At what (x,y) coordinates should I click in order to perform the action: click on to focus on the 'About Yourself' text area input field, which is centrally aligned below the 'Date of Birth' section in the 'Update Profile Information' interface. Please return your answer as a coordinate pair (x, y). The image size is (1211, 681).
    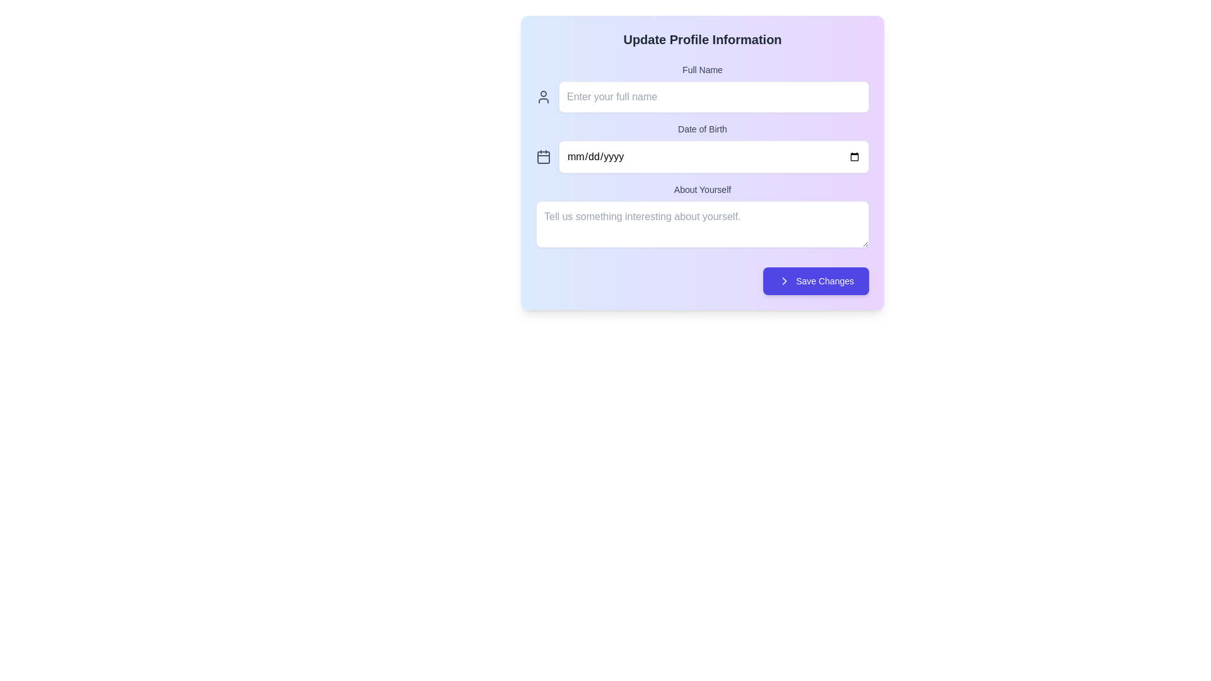
    Looking at the image, I should click on (701, 216).